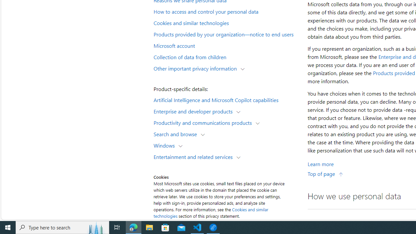 The height and width of the screenshot is (234, 416). I want to click on 'Other important privacy information', so click(196, 68).